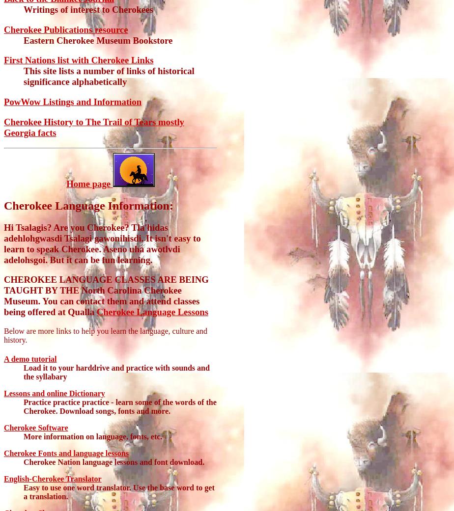  Describe the element at coordinates (120, 406) in the screenshot. I see `'Practice practice practice - learn some of the words of the Cherokee. Download songs, fonts and more.'` at that location.